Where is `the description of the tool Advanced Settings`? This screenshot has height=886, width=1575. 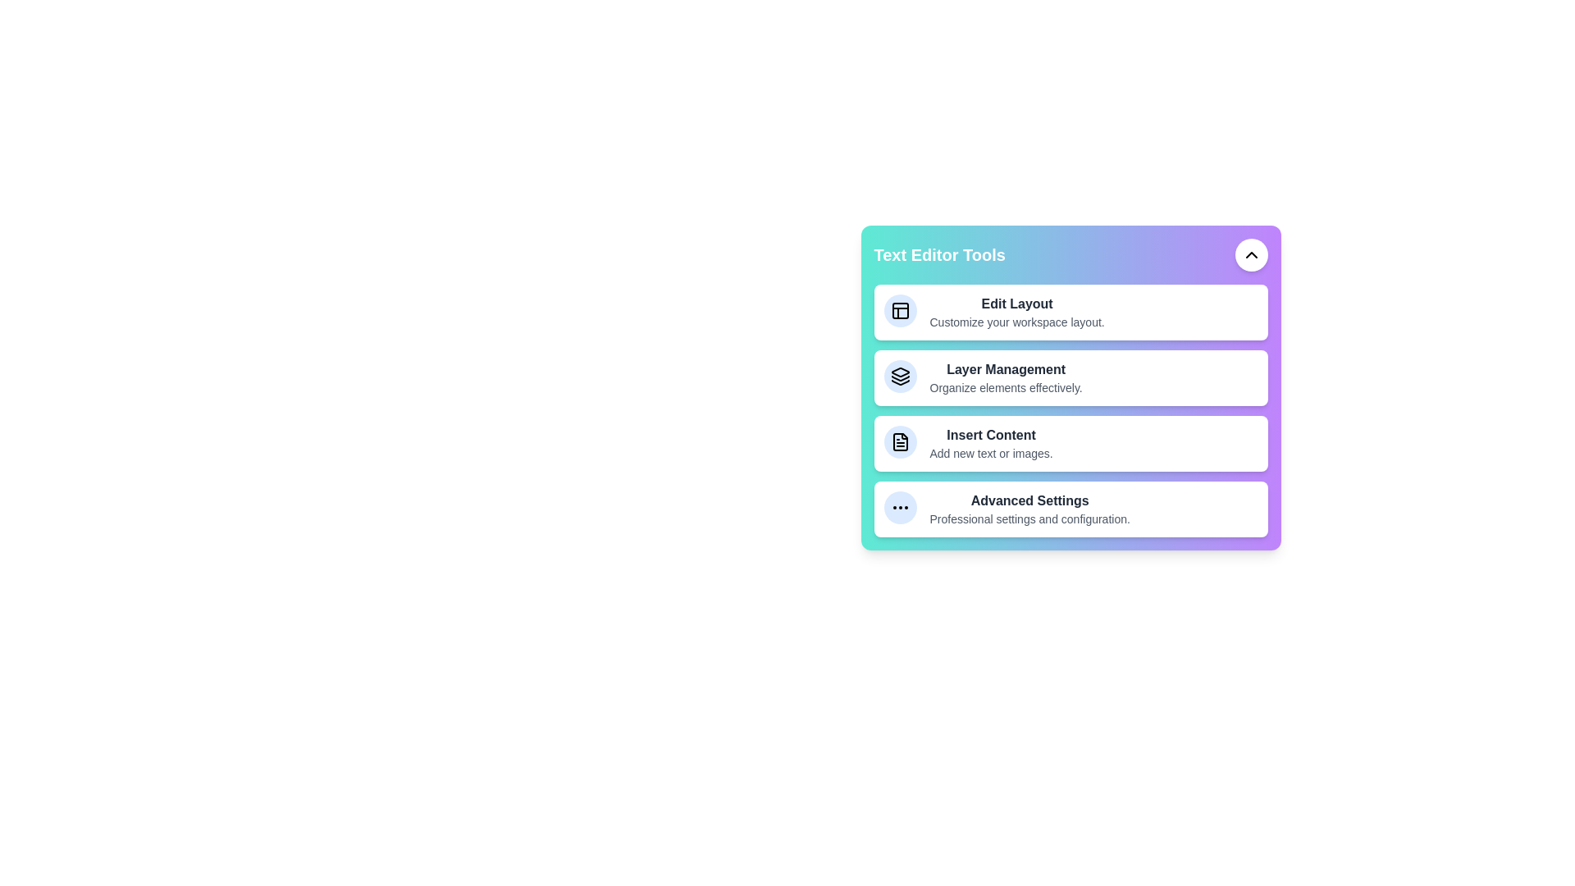 the description of the tool Advanced Settings is located at coordinates (984, 491).